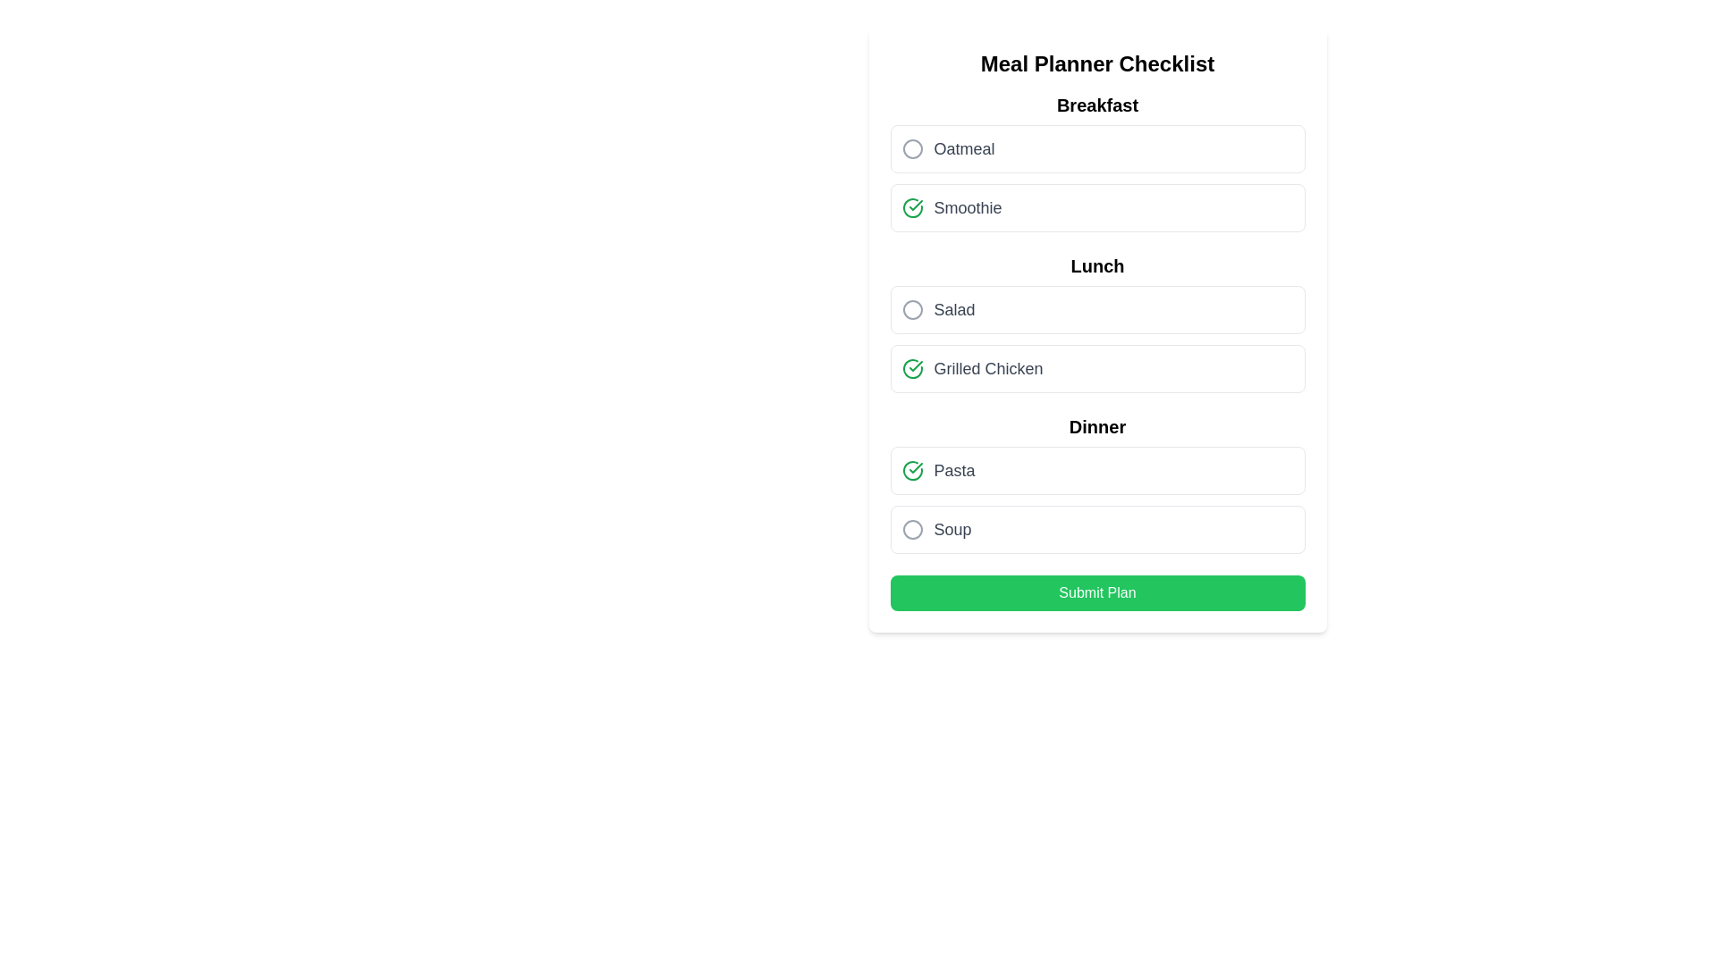 The image size is (1717, 965). What do you see at coordinates (912, 470) in the screenshot?
I see `the circular icon with a green outline and checkmark located next to the text 'Pasta' in the 'Dinner' group of the Meal Planner Checklist interface` at bounding box center [912, 470].